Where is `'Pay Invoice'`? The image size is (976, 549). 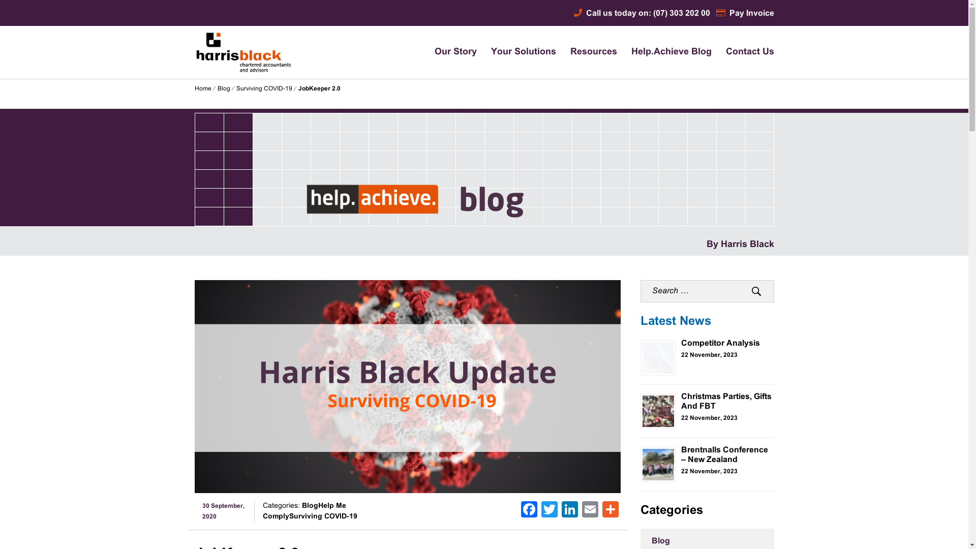
'Pay Invoice' is located at coordinates (715, 13).